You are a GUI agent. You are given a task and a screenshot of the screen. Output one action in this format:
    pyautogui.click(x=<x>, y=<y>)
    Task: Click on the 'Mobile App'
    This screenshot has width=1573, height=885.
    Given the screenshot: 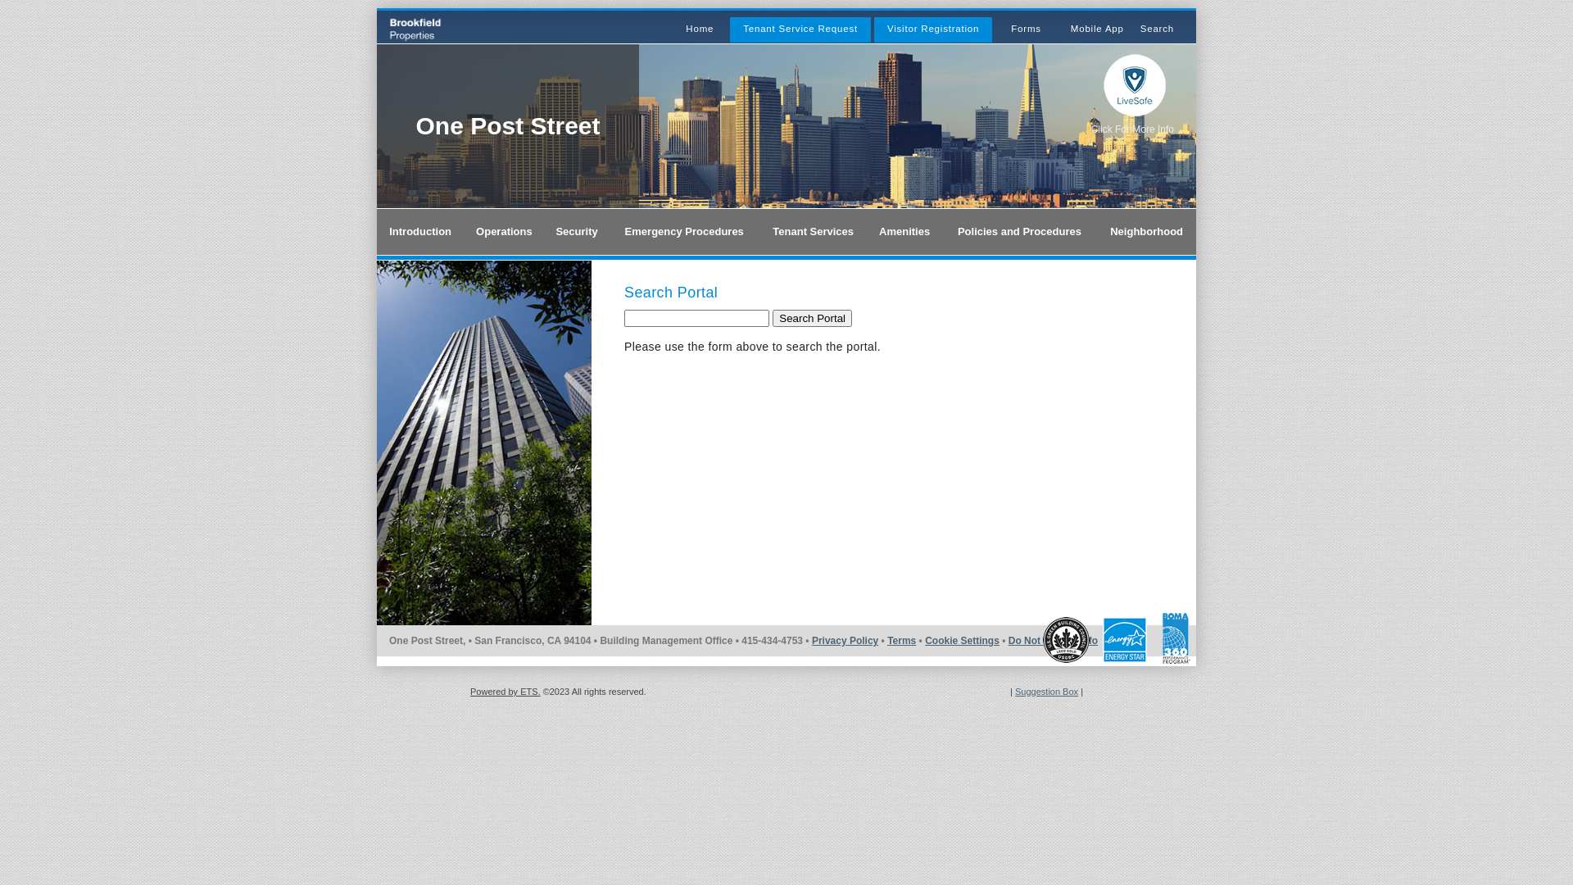 What is the action you would take?
    pyautogui.click(x=1097, y=28)
    